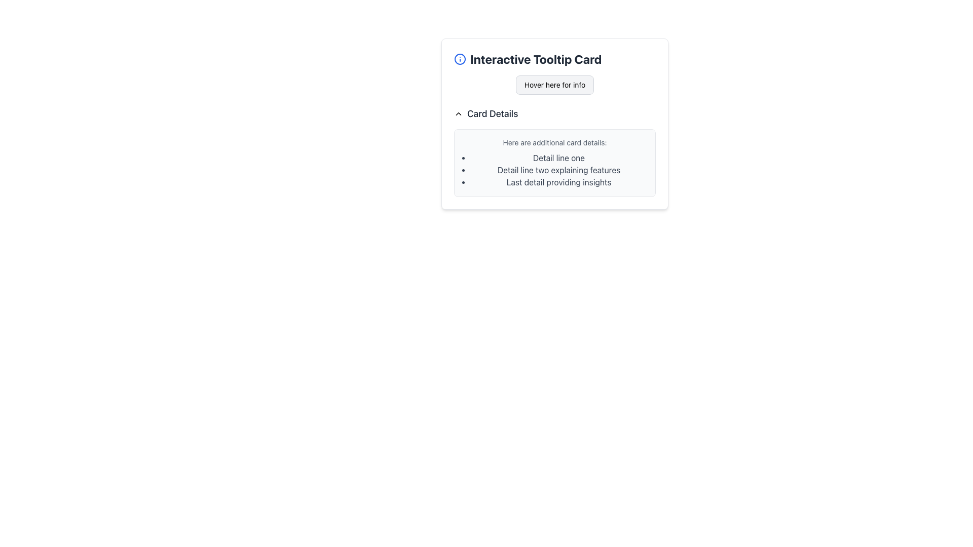 Image resolution: width=973 pixels, height=547 pixels. What do you see at coordinates (493, 113) in the screenshot?
I see `the 'Card Details' text label, which is displayed in a medium-sized, bold font and positioned to the right of an upward-facing chevron icon in the header of a collapsible card section` at bounding box center [493, 113].